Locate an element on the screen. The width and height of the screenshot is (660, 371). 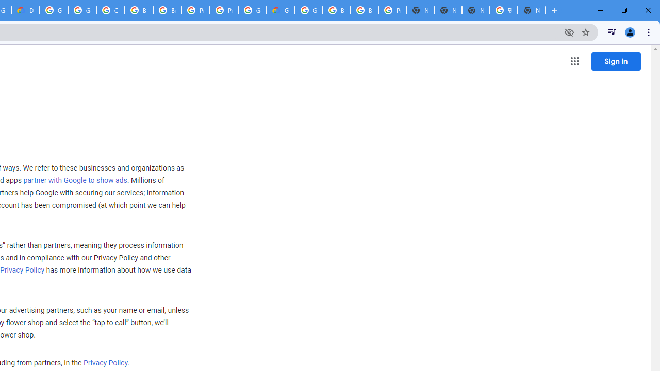
'Google Cloud Platform' is located at coordinates (308, 10).